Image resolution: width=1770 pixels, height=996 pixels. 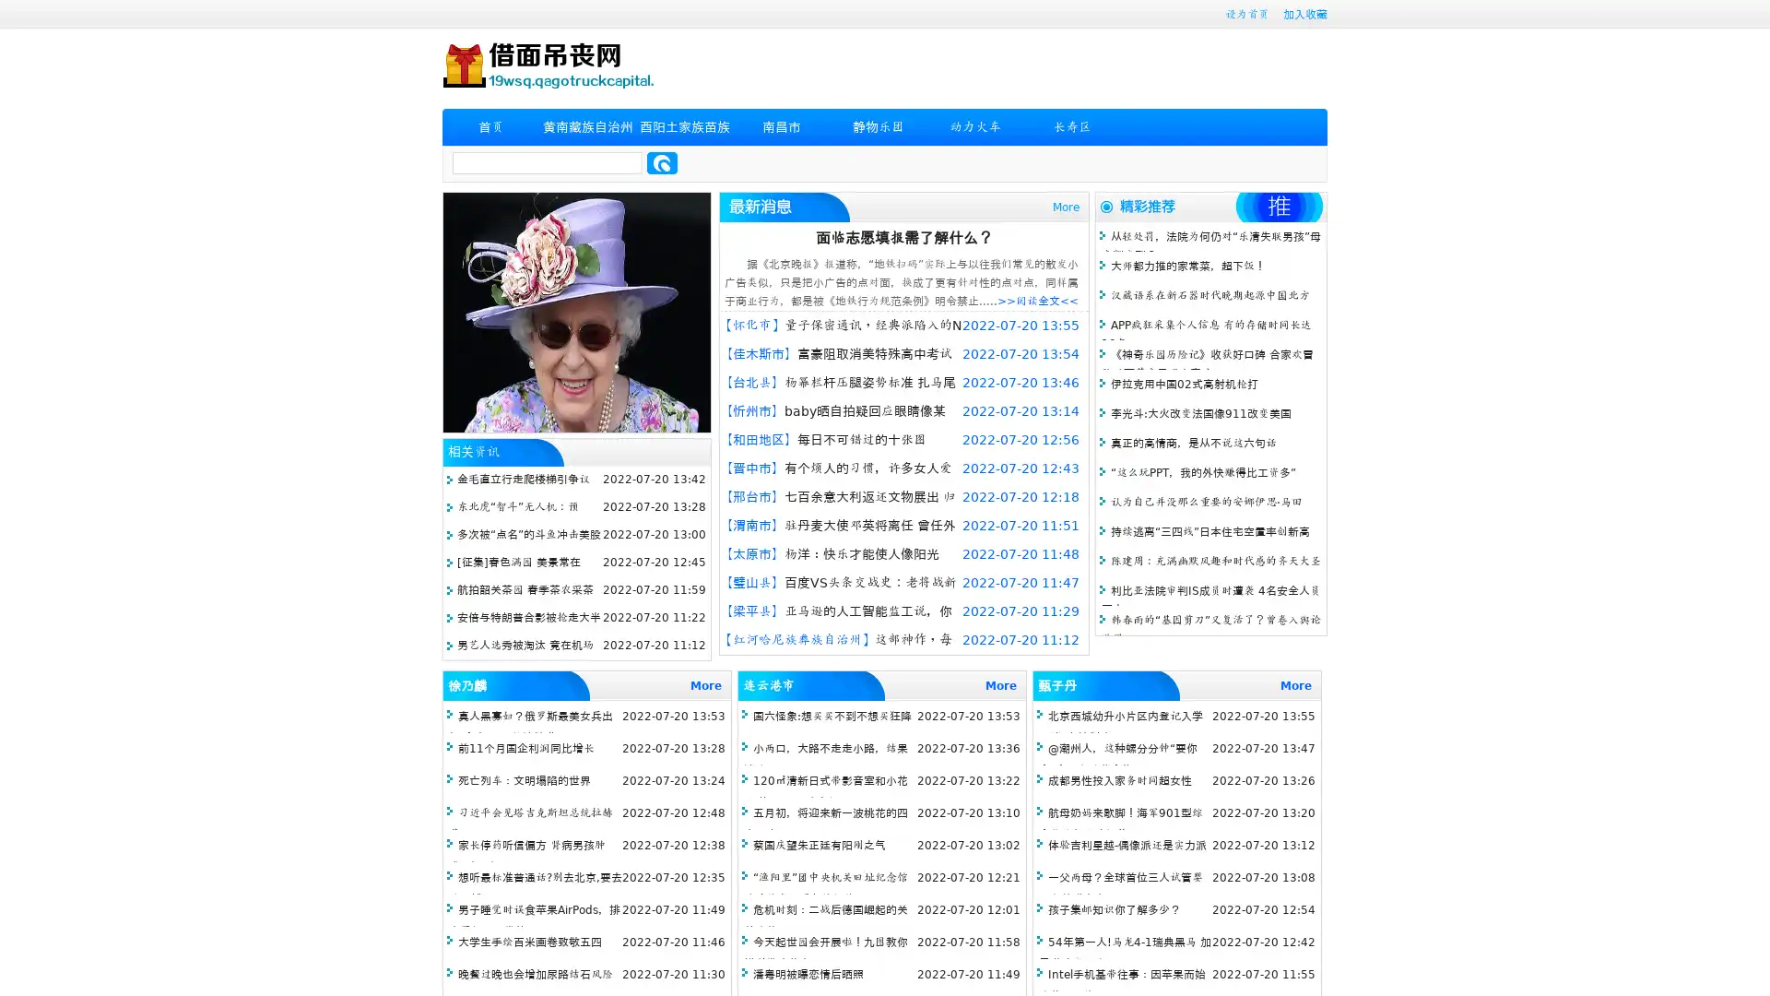 I want to click on Search, so click(x=662, y=162).